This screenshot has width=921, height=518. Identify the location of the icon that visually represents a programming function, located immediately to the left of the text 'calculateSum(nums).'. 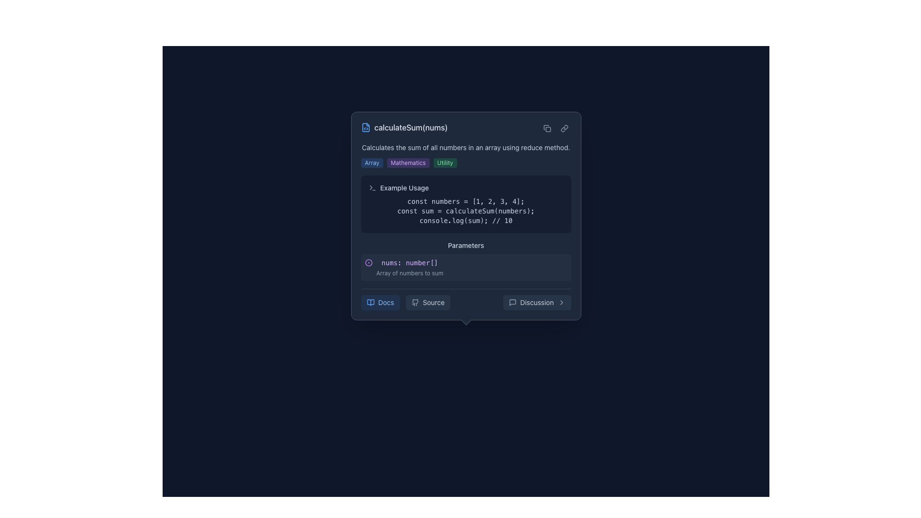
(365, 127).